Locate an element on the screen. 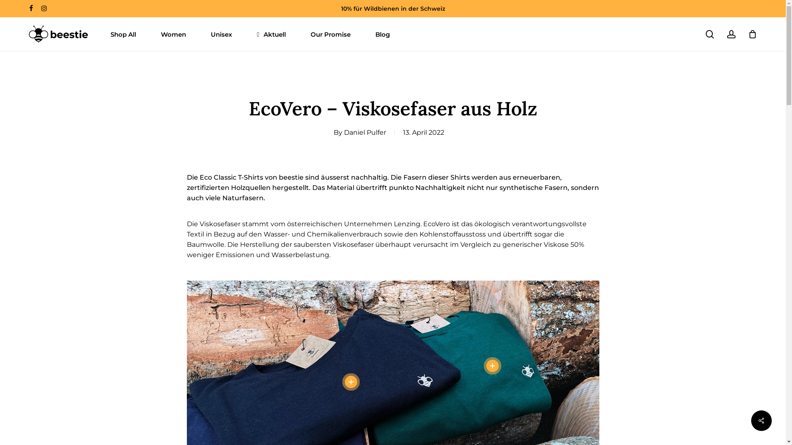  'Blog' is located at coordinates (382, 33).